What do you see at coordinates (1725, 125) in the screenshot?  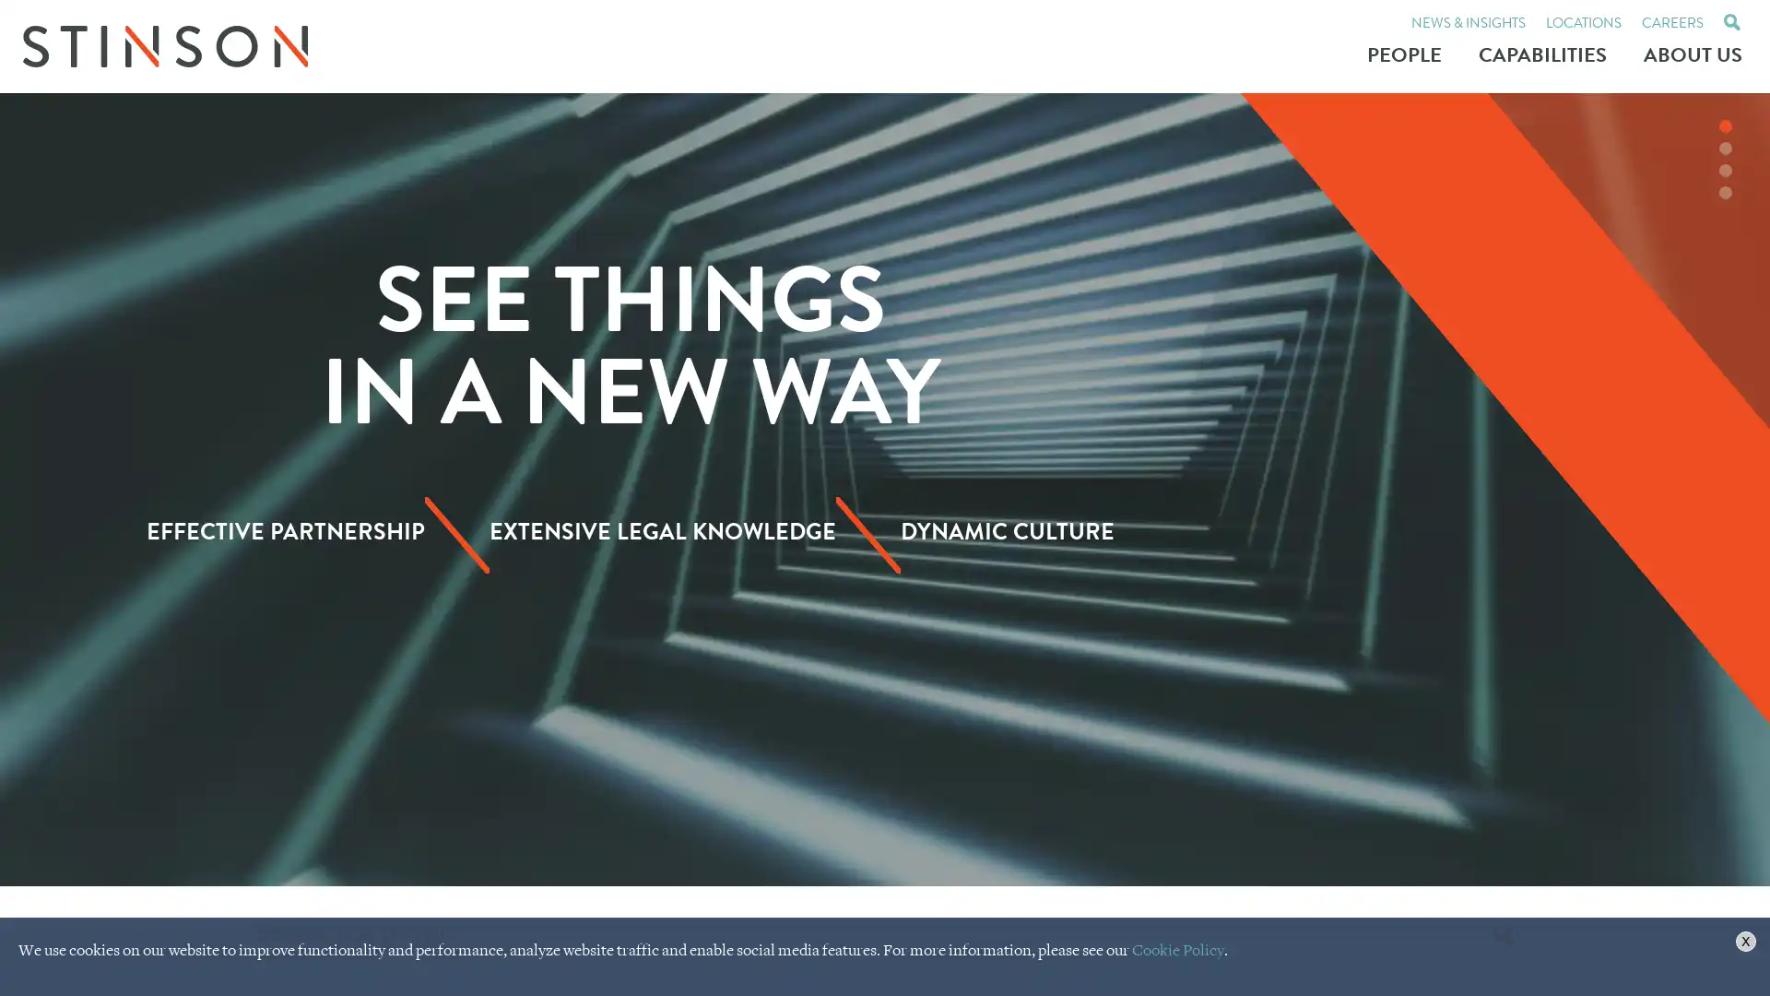 I see `1` at bounding box center [1725, 125].